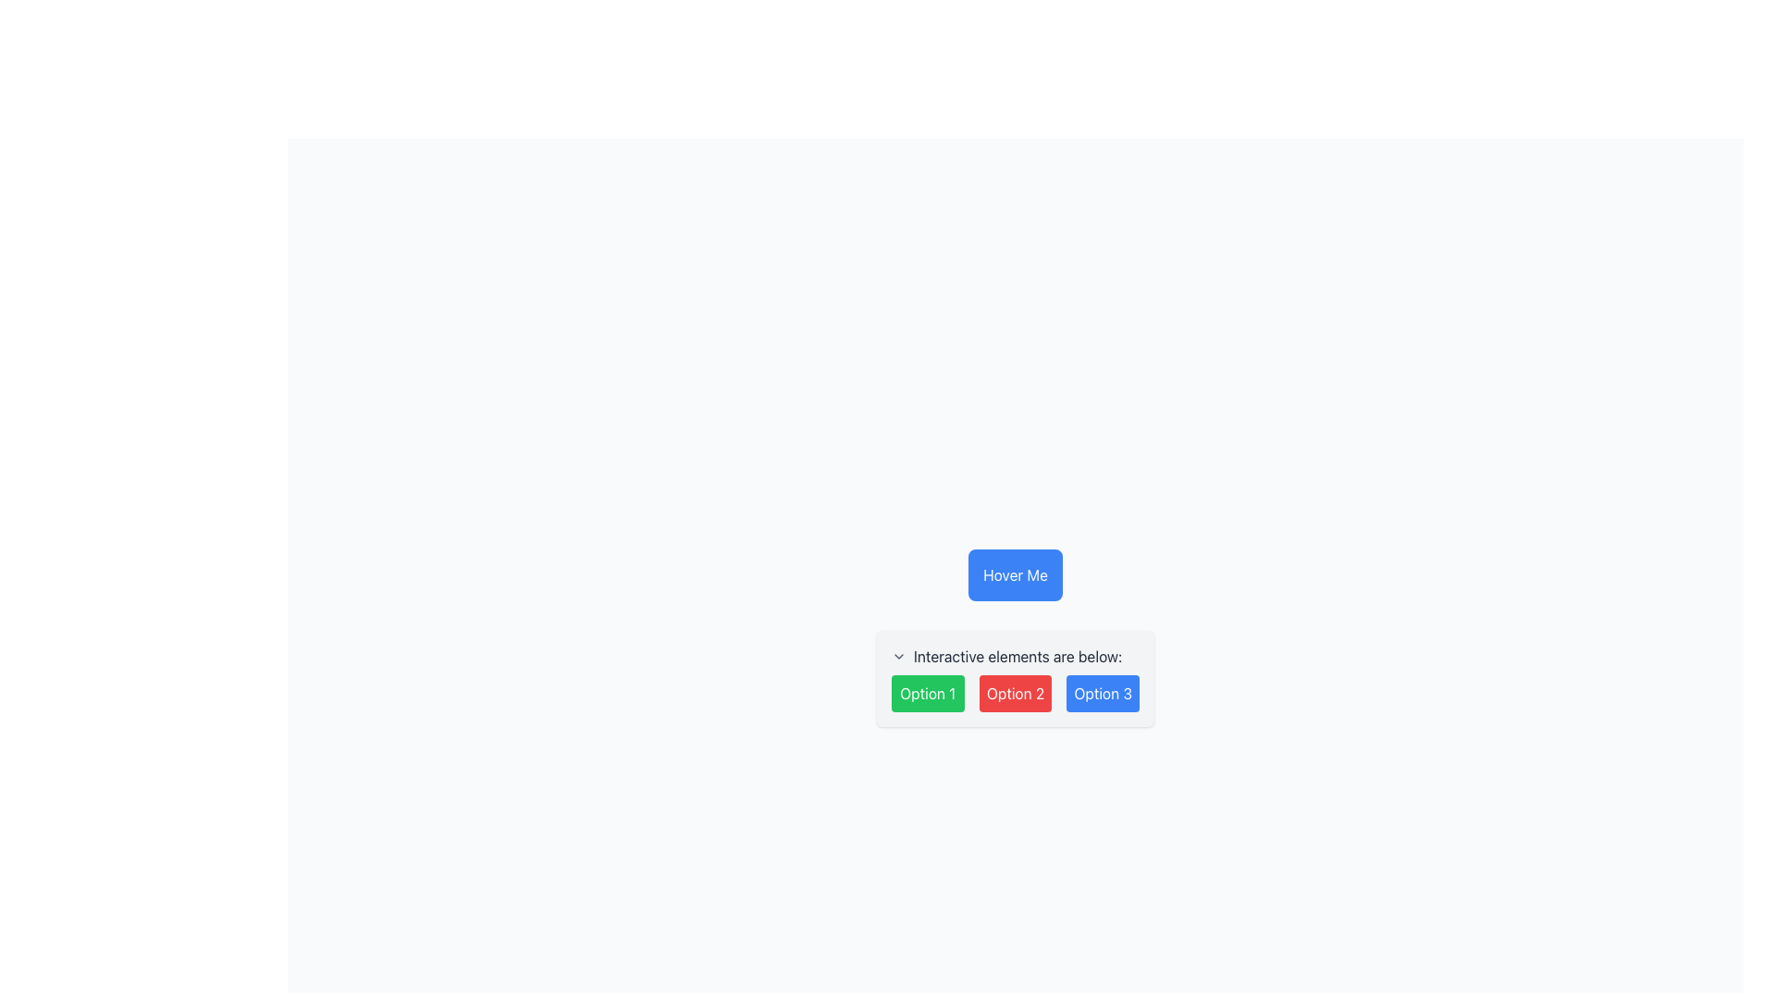 This screenshot has width=1776, height=999. What do you see at coordinates (1015, 573) in the screenshot?
I see `the non-interactive button-like component located above the three horizontally arranged buttons labeled 'Option 1', 'Option 2', and 'Option 3'` at bounding box center [1015, 573].